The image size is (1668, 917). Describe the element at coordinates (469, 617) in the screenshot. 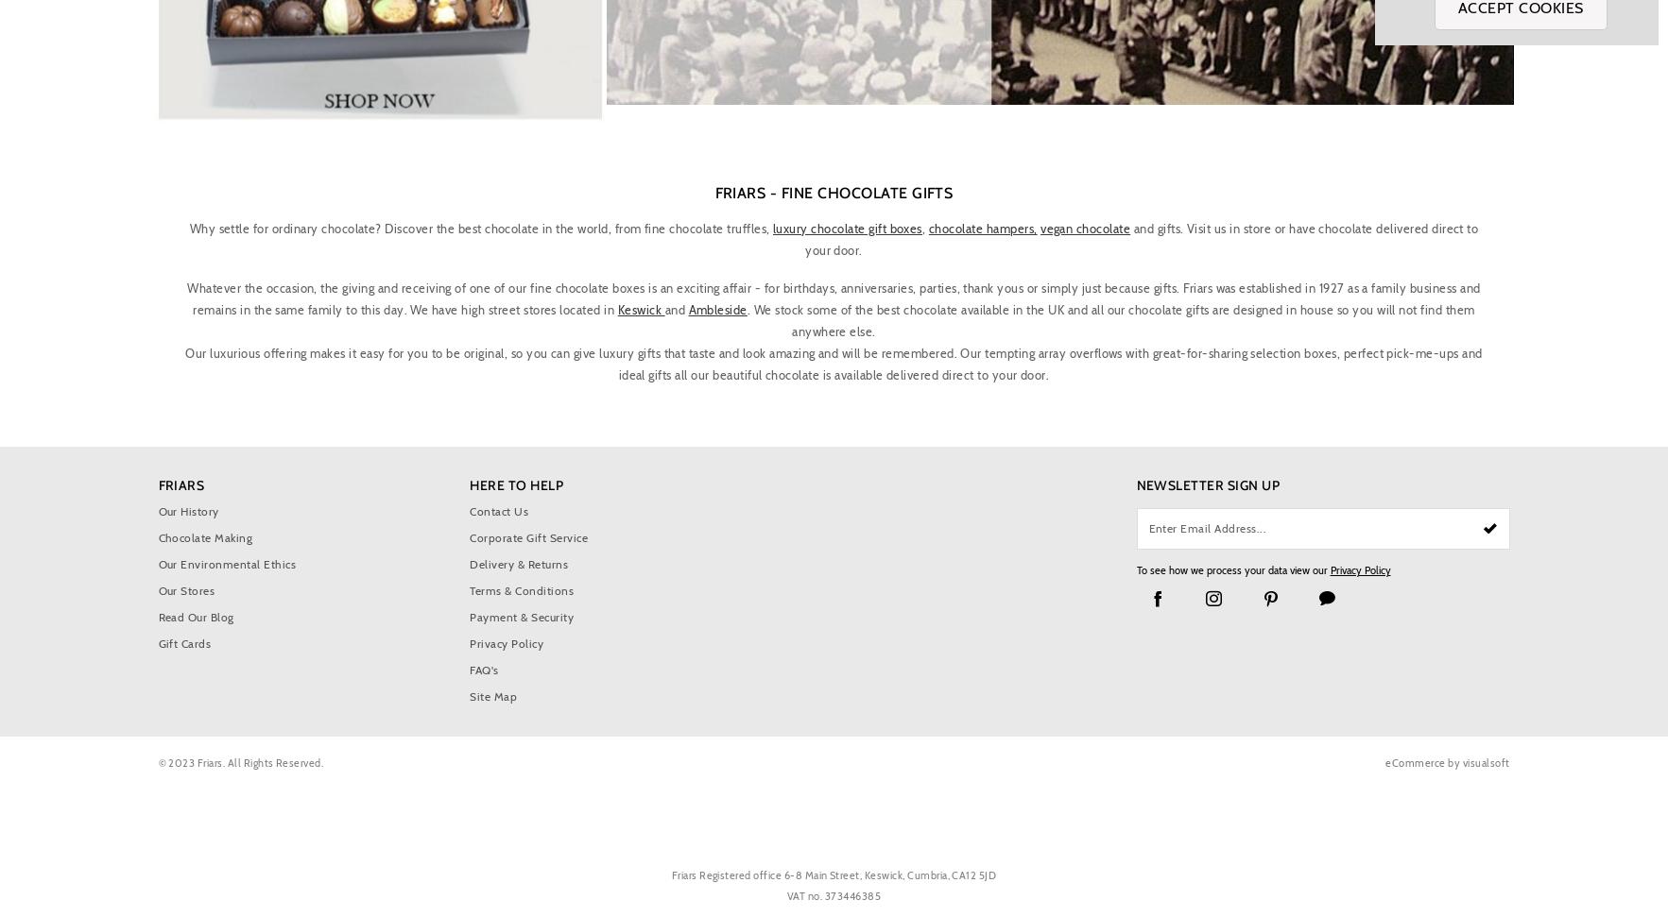

I see `'Payment & Security'` at that location.